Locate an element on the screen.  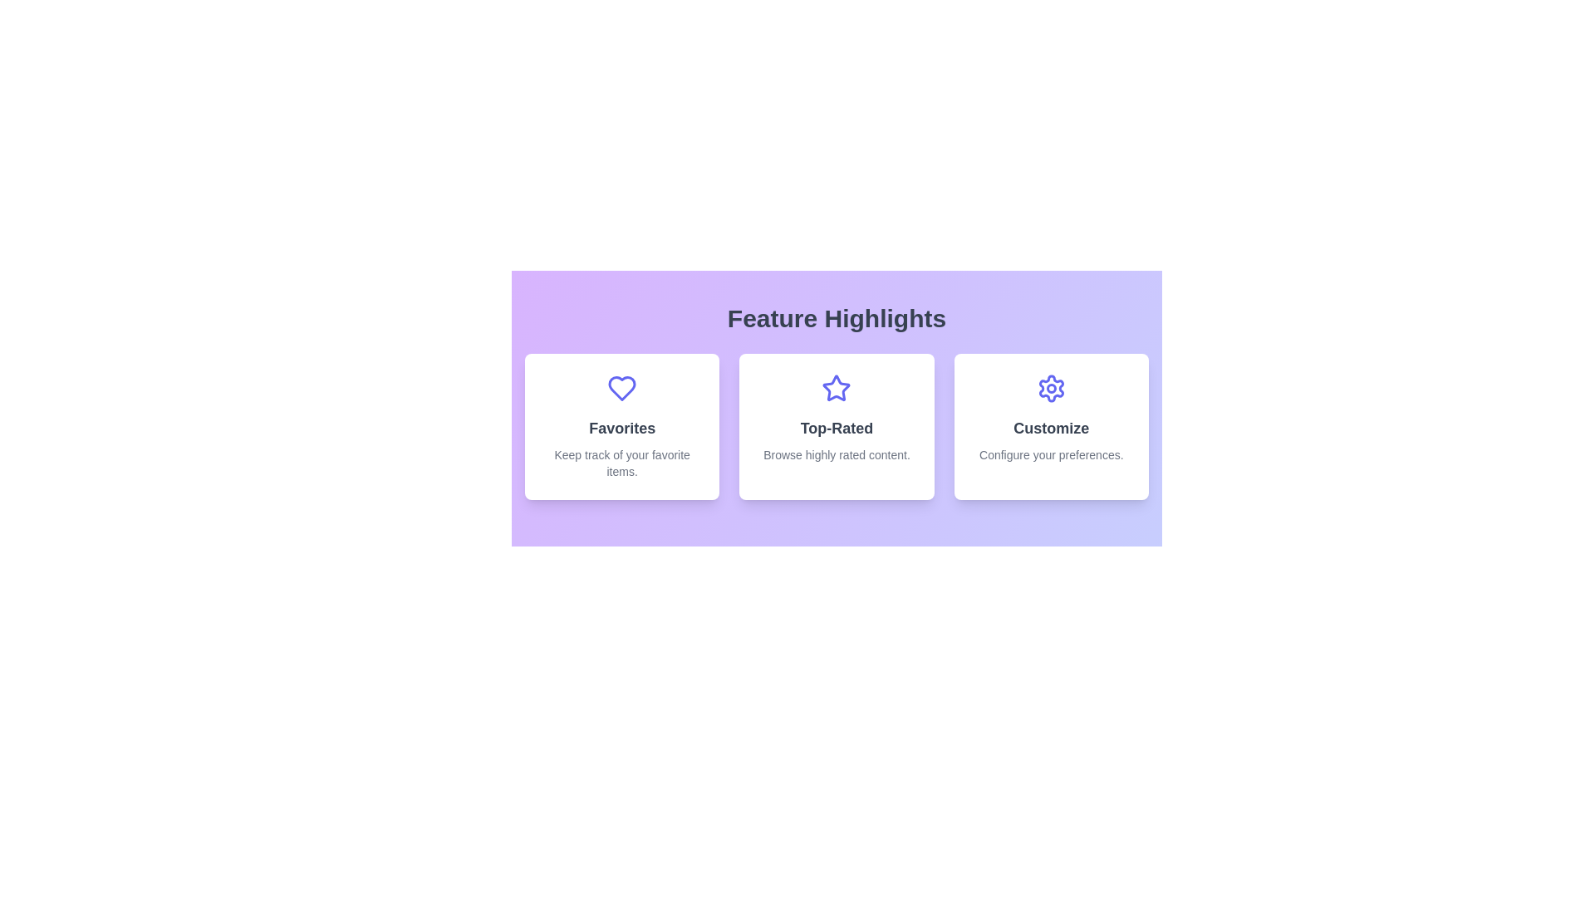
the cogwheel icon rendered in a purple hue, located at the rightmost position of the 'Customize' card is located at coordinates (1050, 388).